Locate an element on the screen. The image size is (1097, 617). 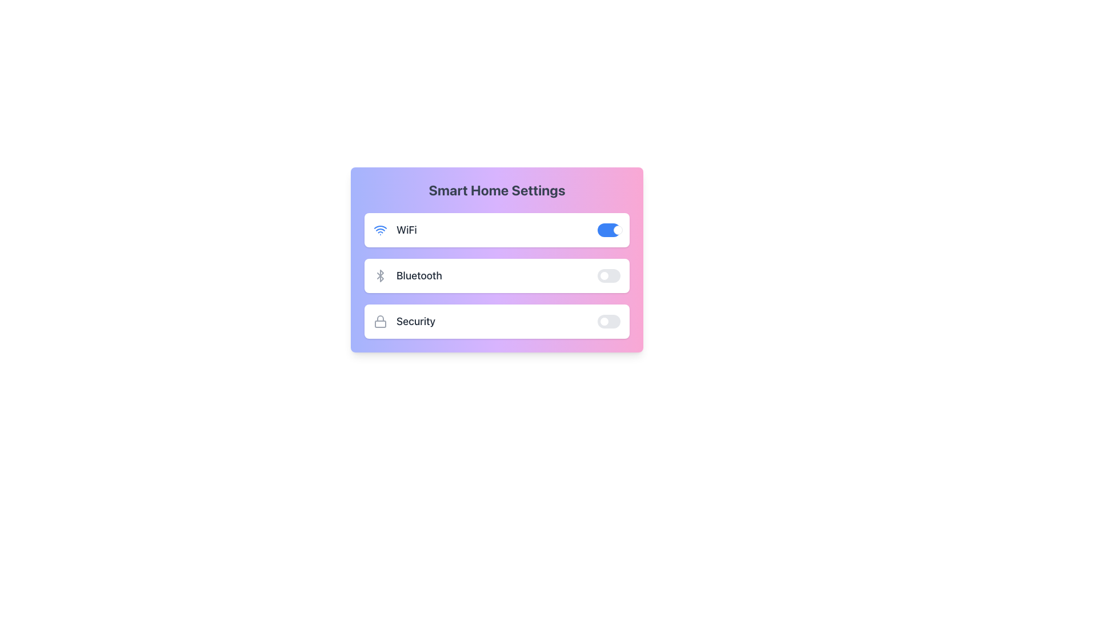
the label that describes the functionality of the WiFi toggle switch, which is positioned to the right of the WiFi icon and to the left of the toggle switch is located at coordinates (406, 230).